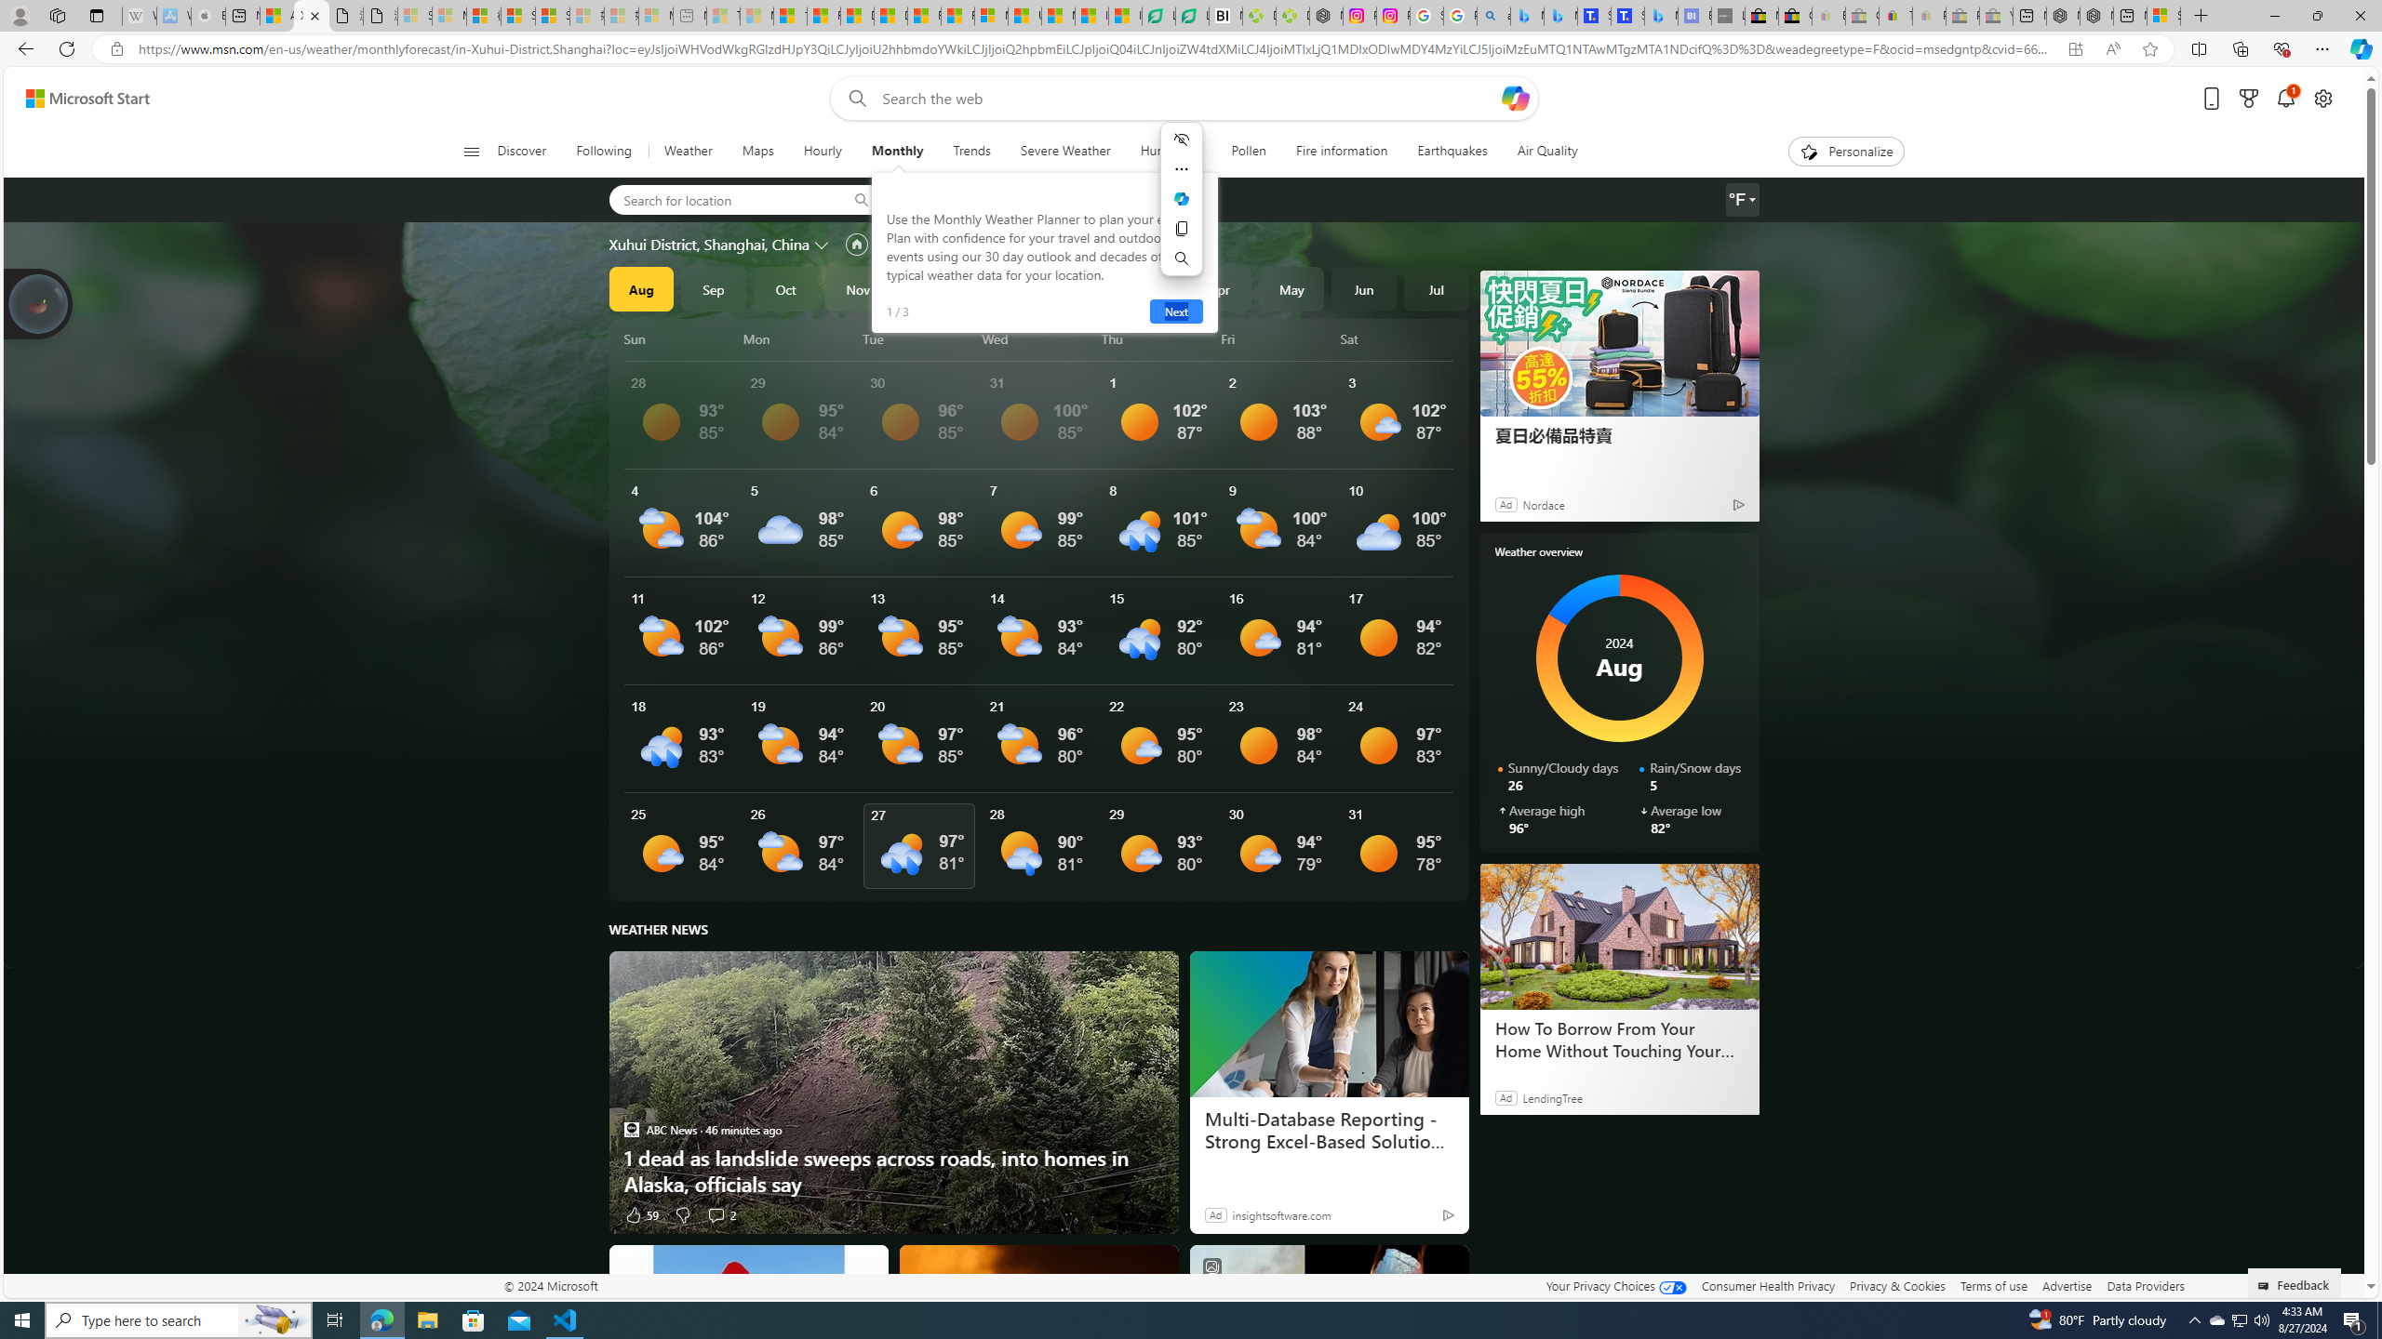 The height and width of the screenshot is (1339, 2382). What do you see at coordinates (720, 199) in the screenshot?
I see `'Search for location'` at bounding box center [720, 199].